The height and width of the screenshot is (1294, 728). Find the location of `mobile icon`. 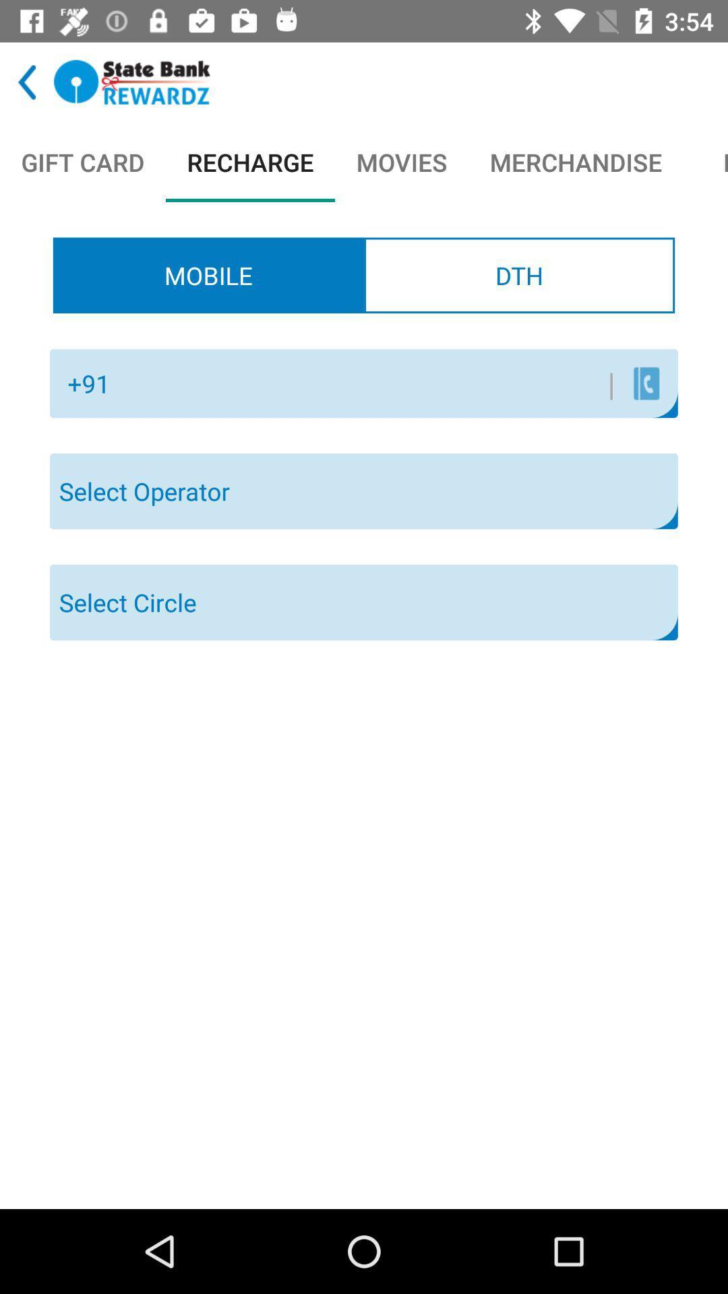

mobile icon is located at coordinates (208, 274).